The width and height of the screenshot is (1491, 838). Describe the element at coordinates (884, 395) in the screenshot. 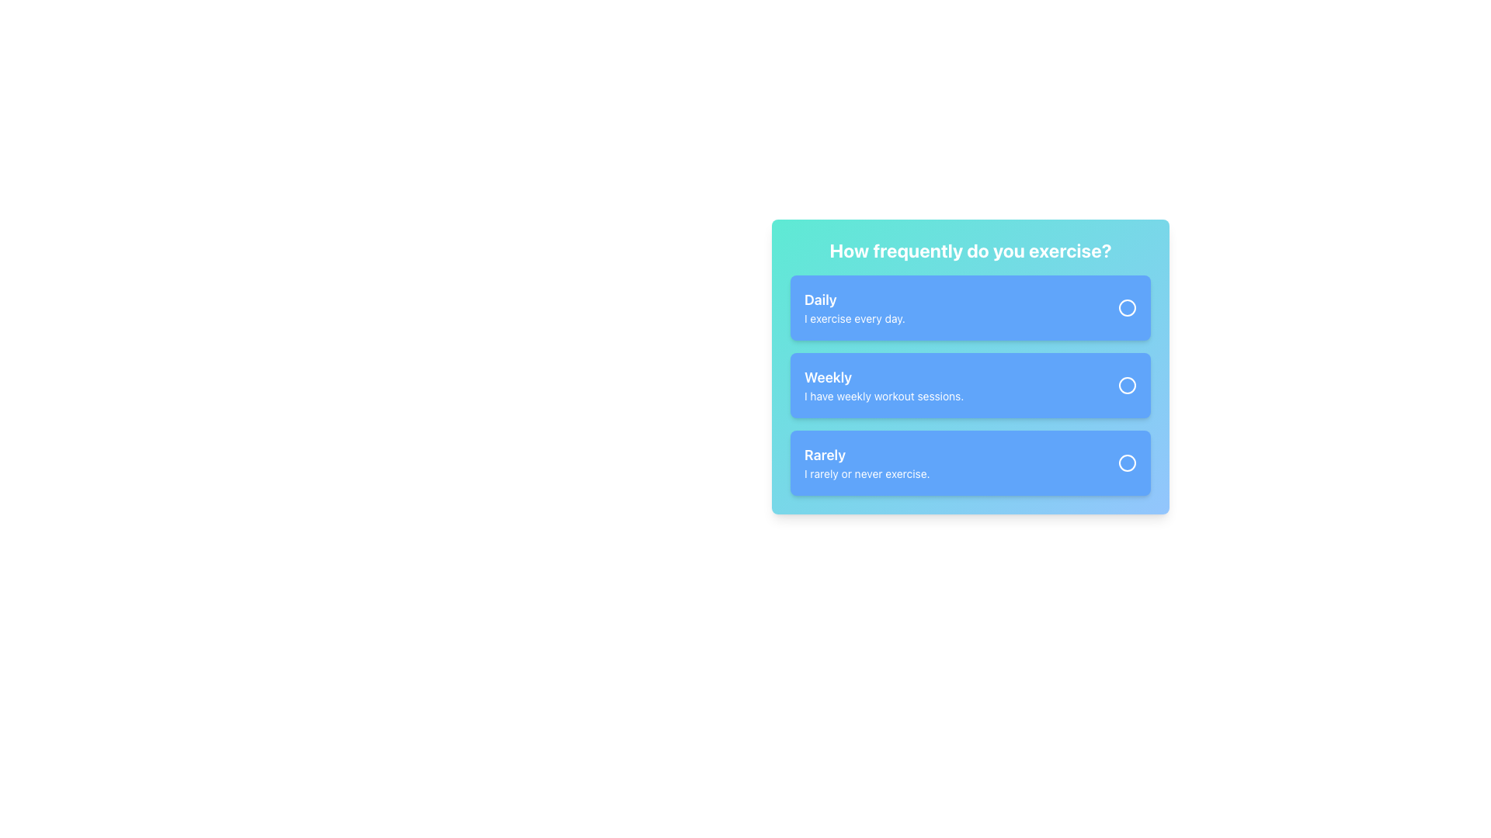

I see `text label stating 'I have weekly workout sessions.' located within the card-like selection box under the title 'Weekly'` at that location.